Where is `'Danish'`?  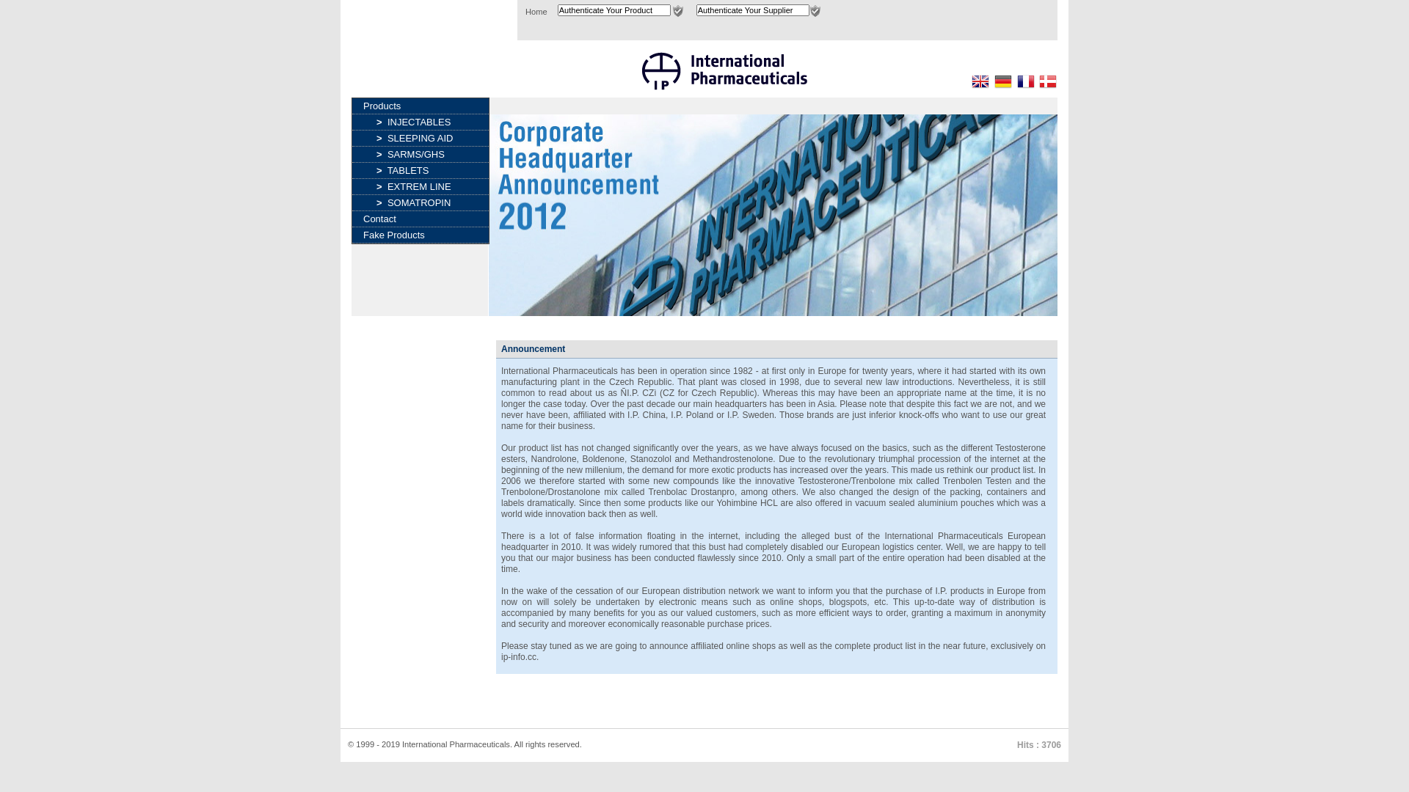 'Danish' is located at coordinates (1047, 81).